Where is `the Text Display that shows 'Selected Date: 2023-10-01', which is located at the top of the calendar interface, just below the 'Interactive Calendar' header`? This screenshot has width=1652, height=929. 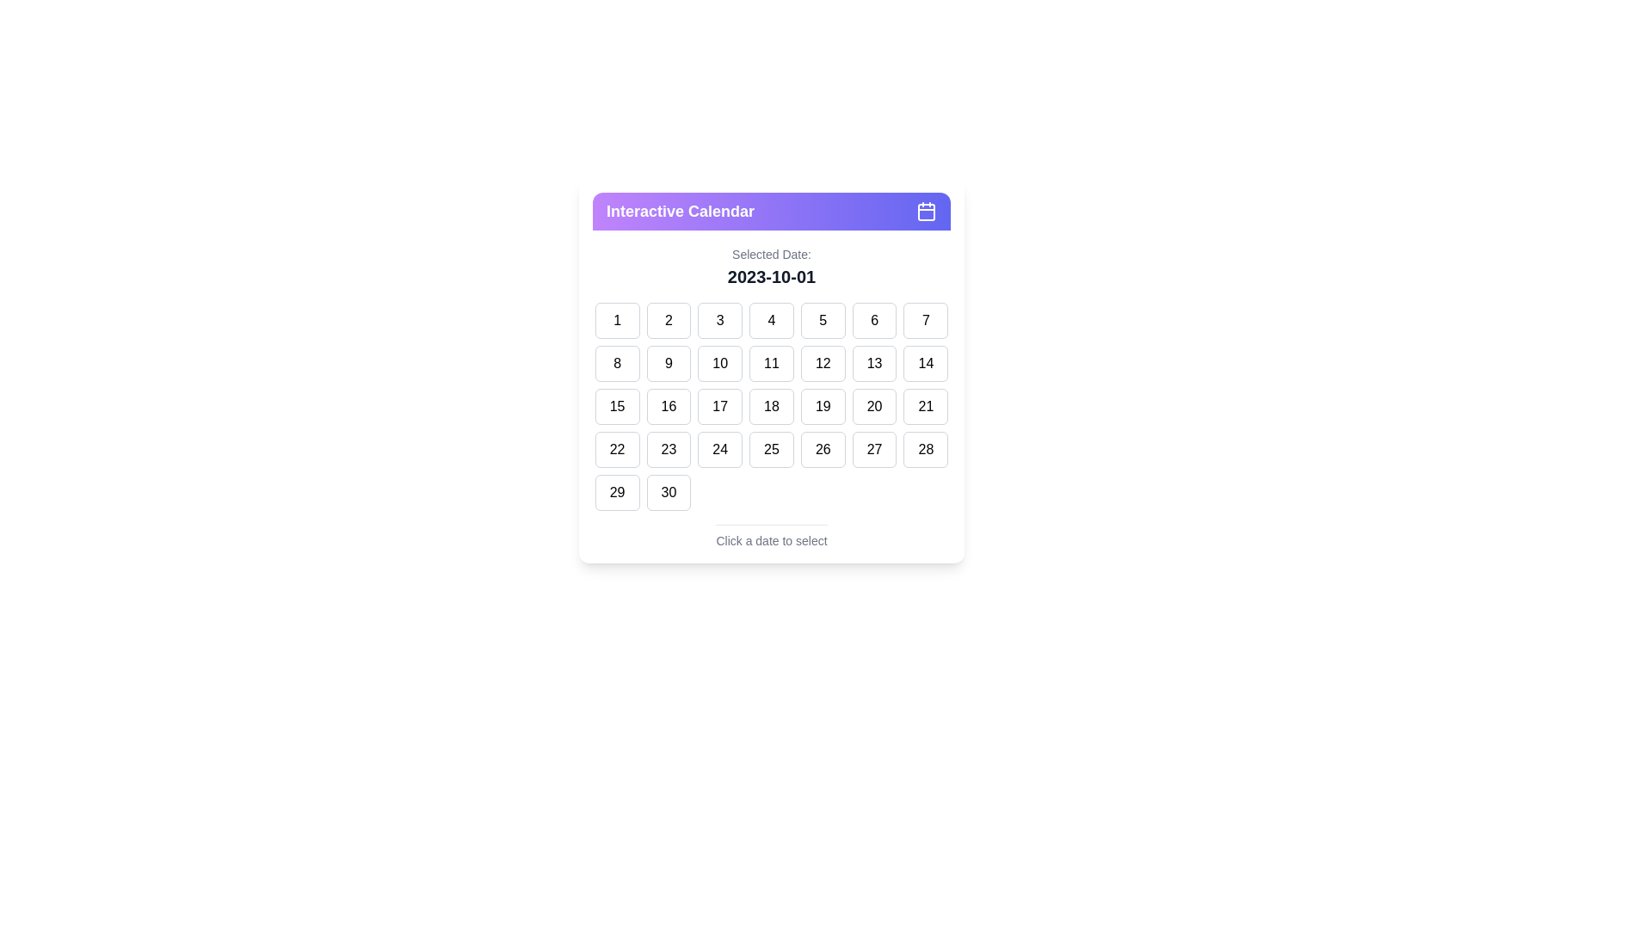
the Text Display that shows 'Selected Date: 2023-10-01', which is located at the top of the calendar interface, just below the 'Interactive Calendar' header is located at coordinates (771, 266).